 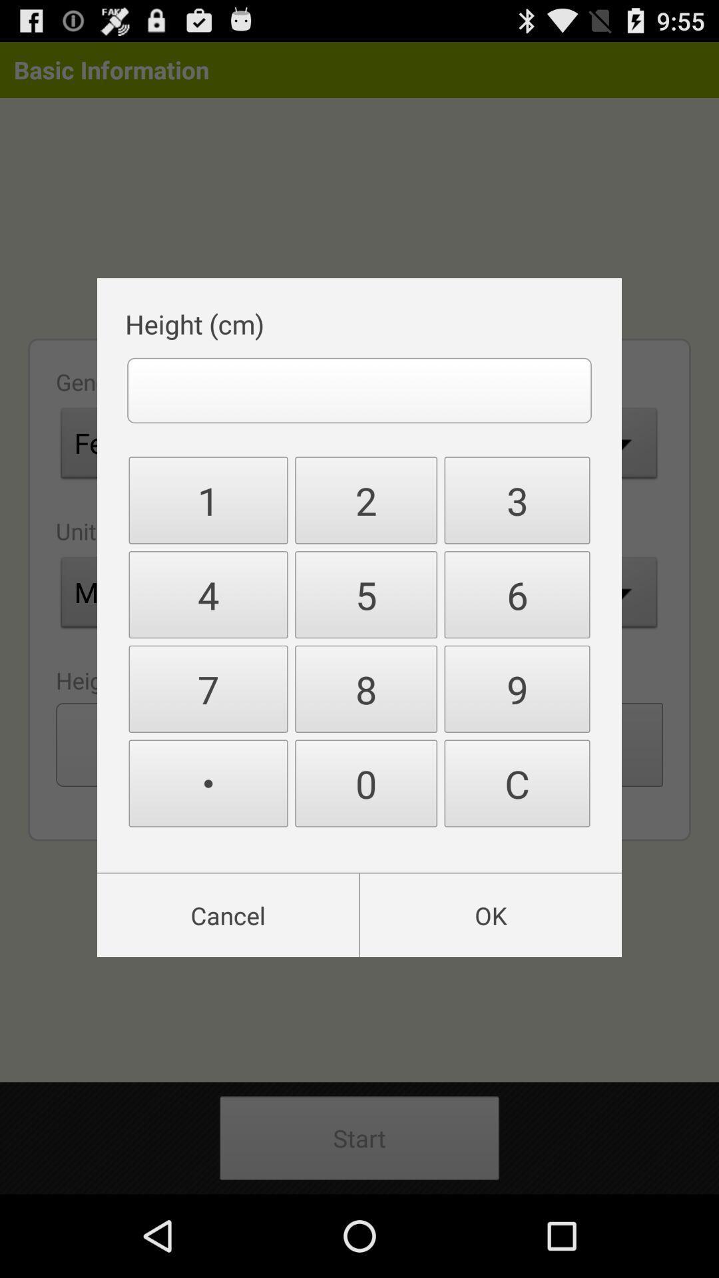 I want to click on the 6 item, so click(x=516, y=594).